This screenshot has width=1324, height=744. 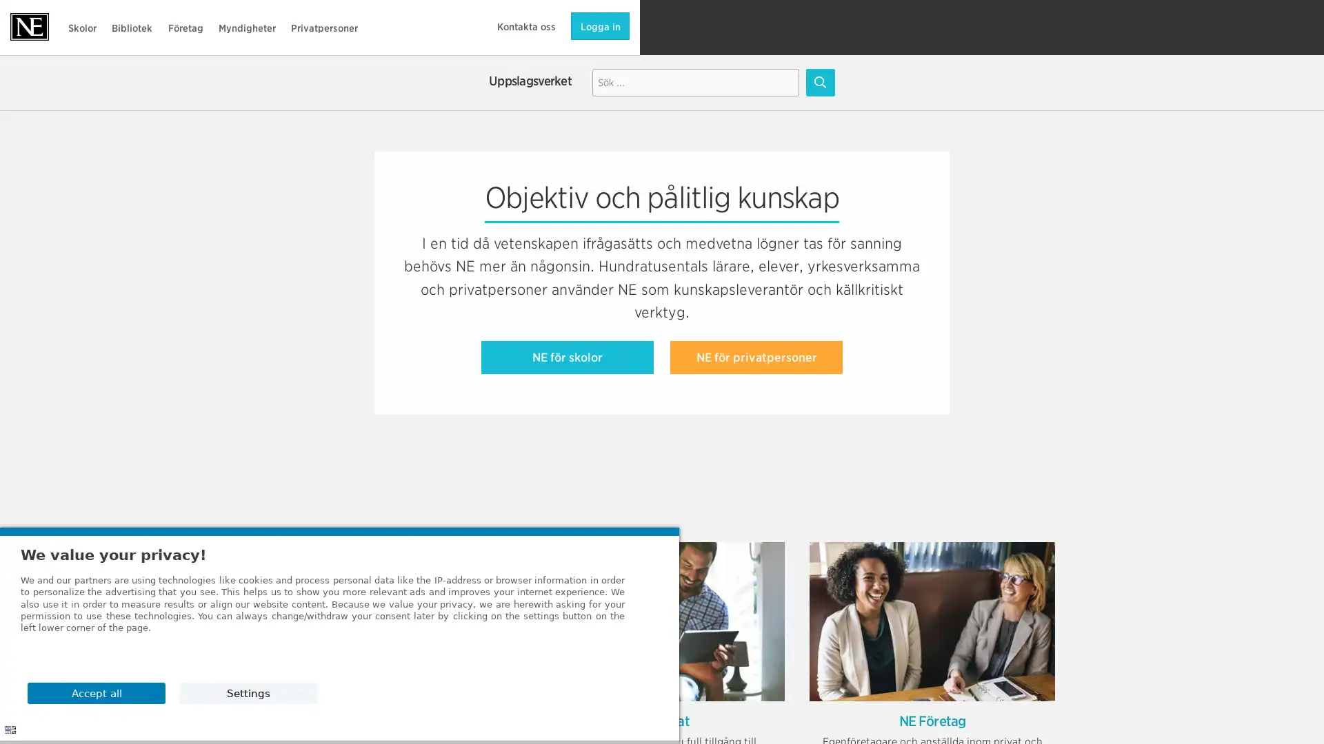 I want to click on Settings, so click(x=999, y=692).